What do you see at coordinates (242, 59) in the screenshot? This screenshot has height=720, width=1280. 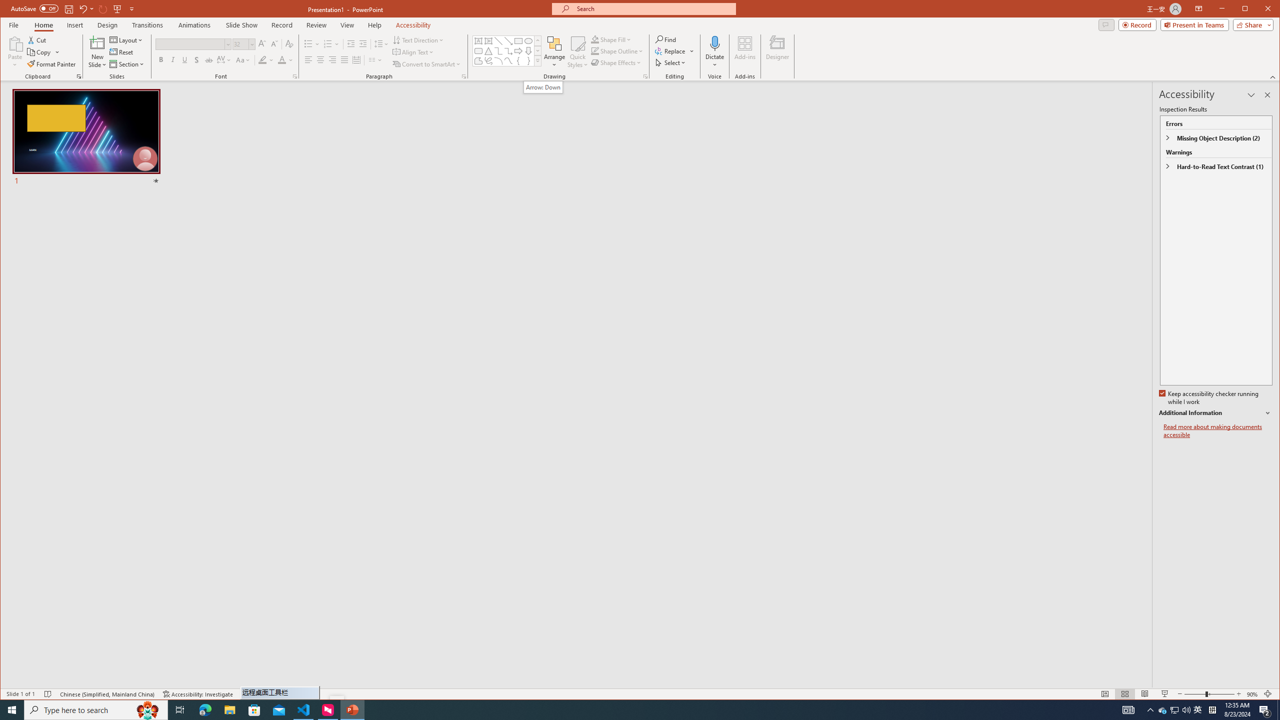 I see `'Change Case'` at bounding box center [242, 59].